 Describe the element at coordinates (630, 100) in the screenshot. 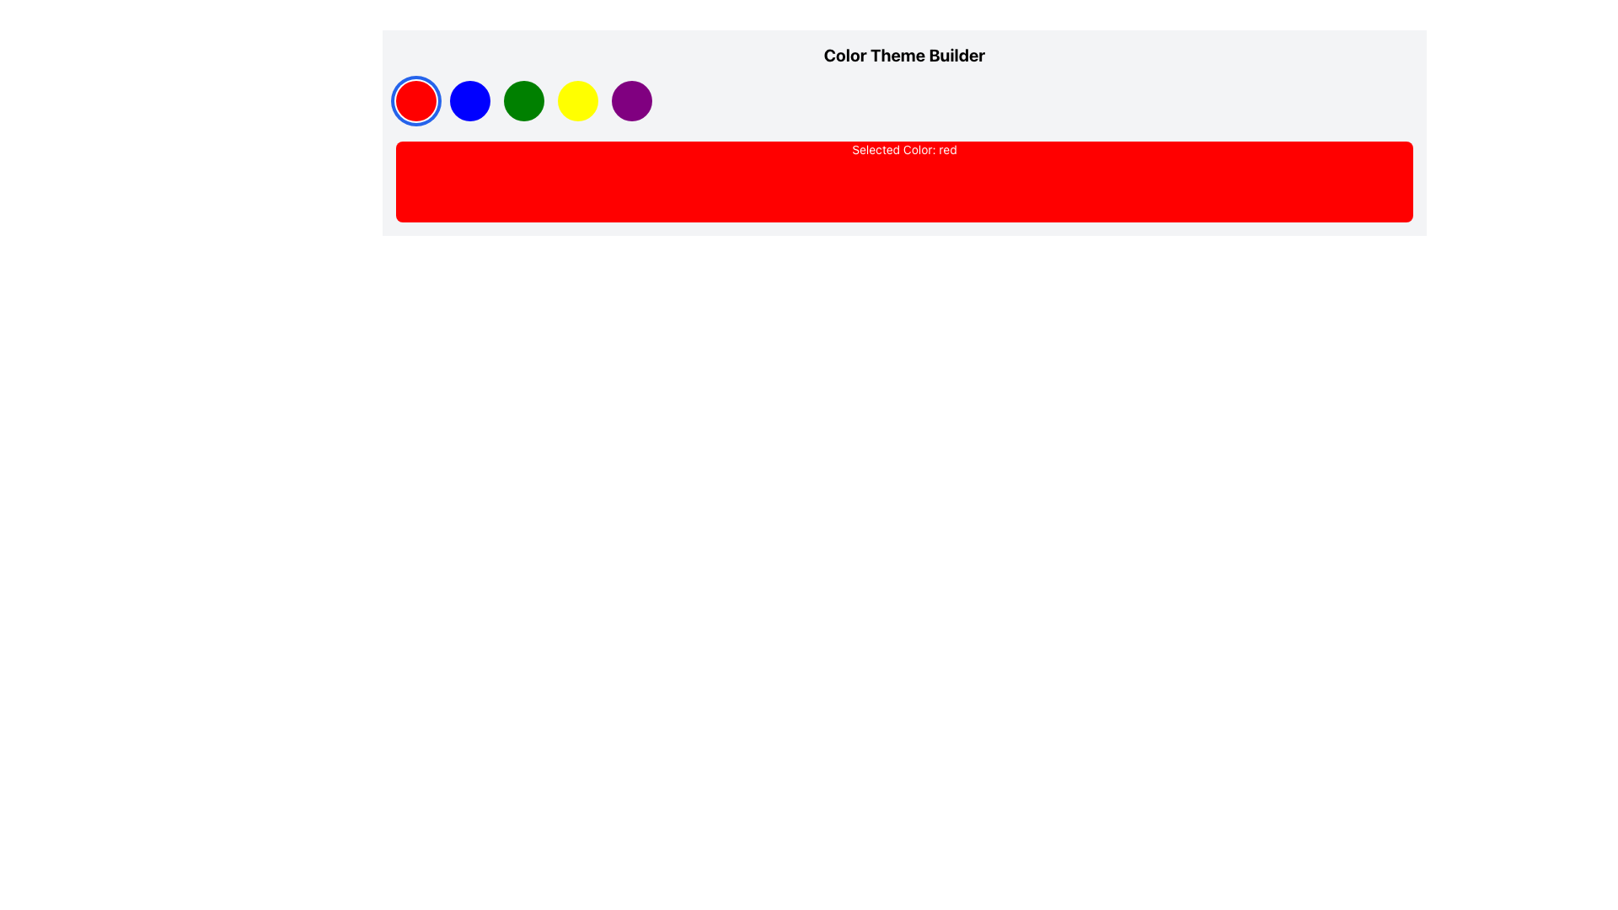

I see `the circular purple button located at the far right of a horizontal row of five evenly spaced buttons` at that location.